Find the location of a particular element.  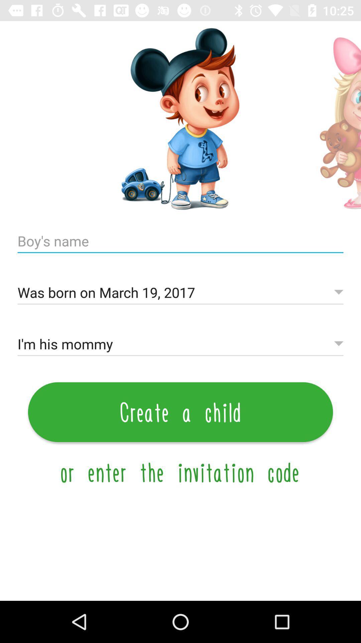

child 's name is located at coordinates (180, 241).